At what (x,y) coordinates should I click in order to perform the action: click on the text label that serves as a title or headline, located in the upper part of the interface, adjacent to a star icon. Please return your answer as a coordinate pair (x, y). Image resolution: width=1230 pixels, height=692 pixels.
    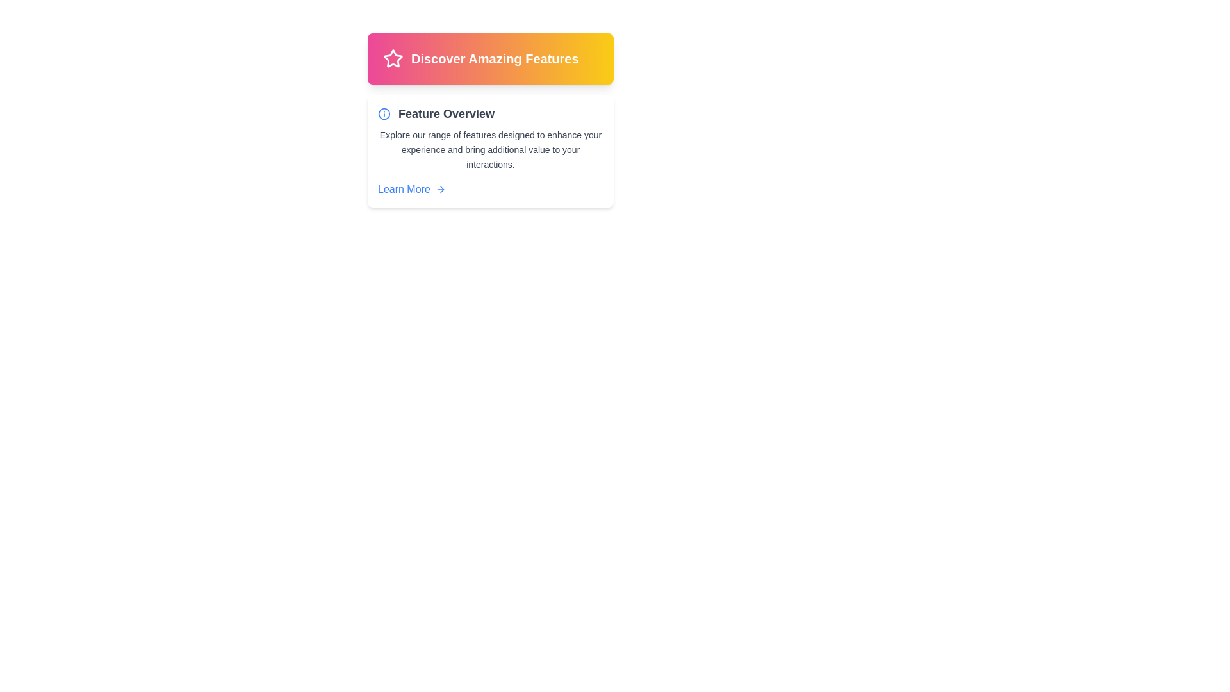
    Looking at the image, I should click on (494, 59).